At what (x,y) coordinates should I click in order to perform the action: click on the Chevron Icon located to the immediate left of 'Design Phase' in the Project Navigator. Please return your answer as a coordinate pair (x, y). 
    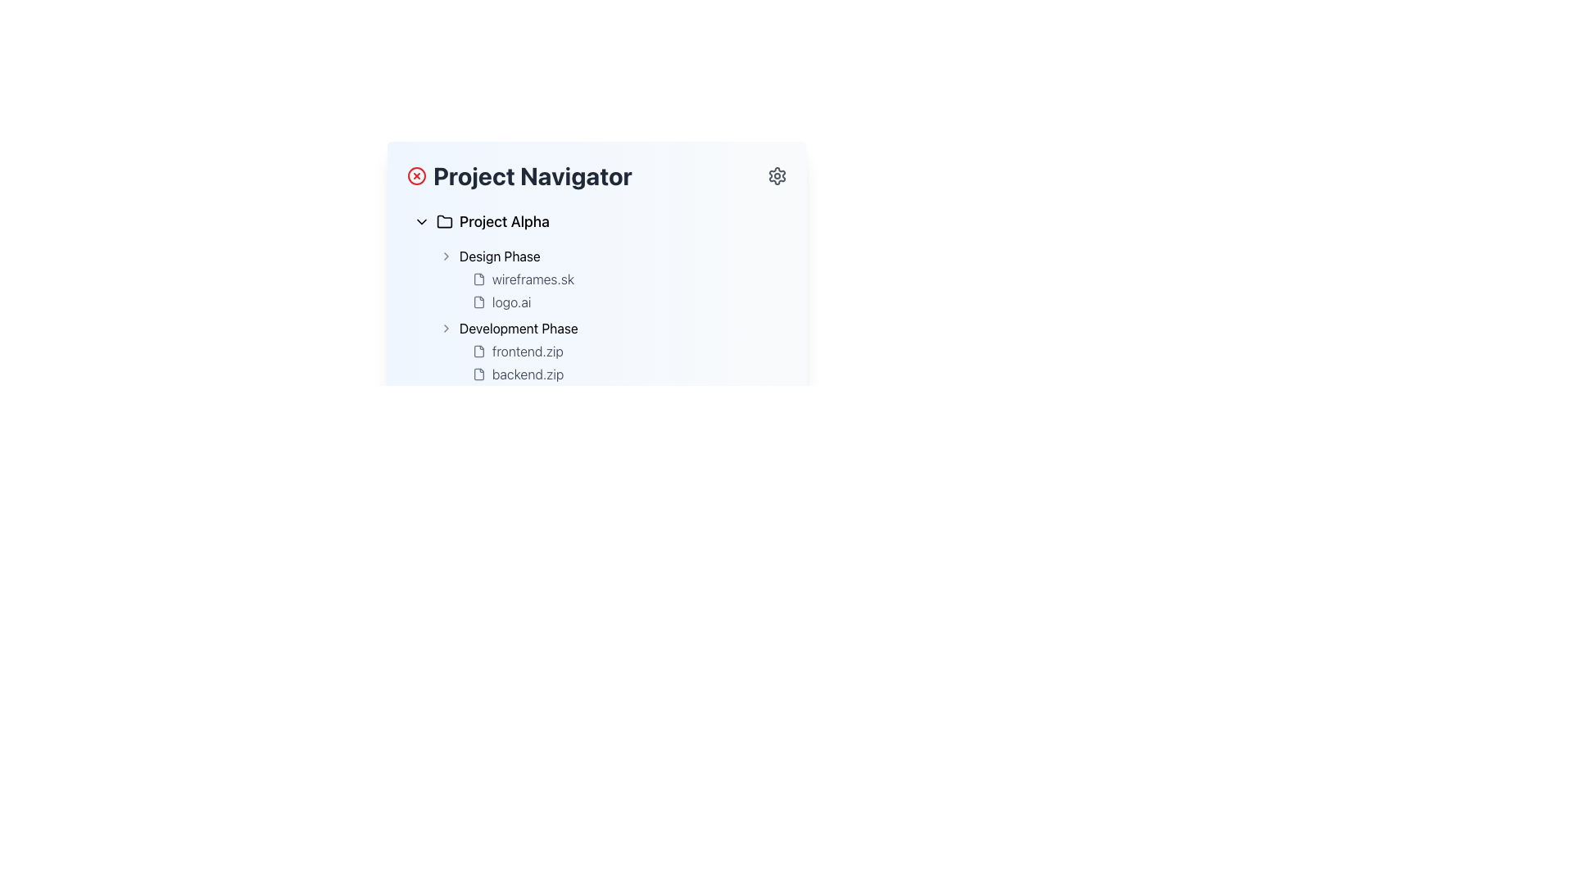
    Looking at the image, I should click on (447, 256).